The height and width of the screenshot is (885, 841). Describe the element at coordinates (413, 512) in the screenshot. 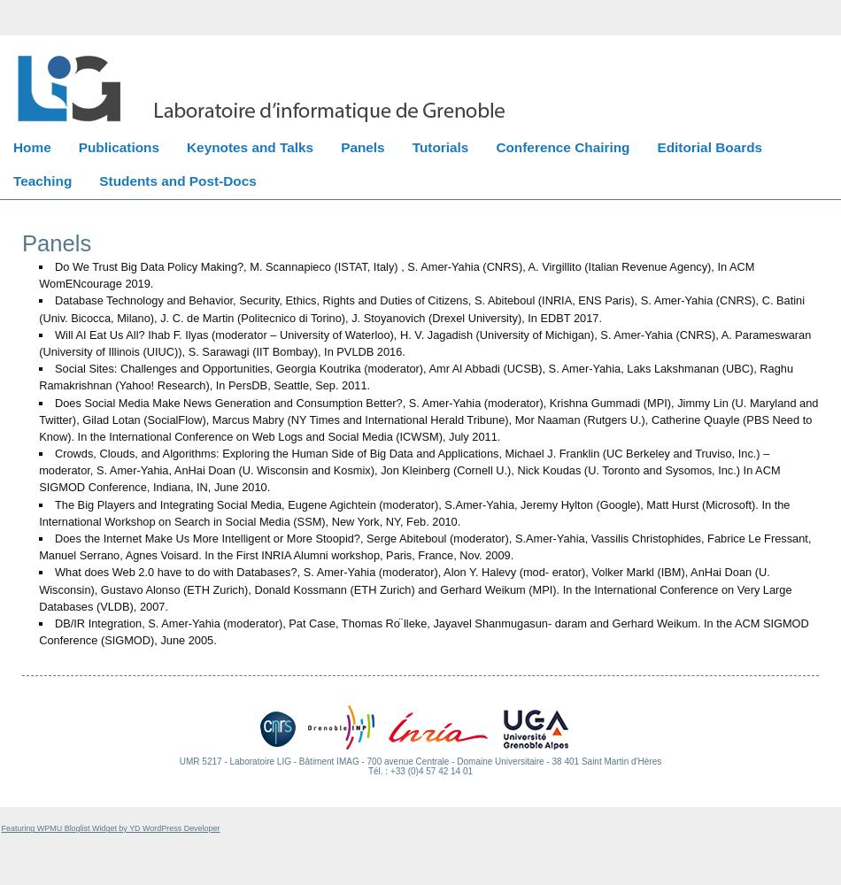

I see `'The Big Players and Integrating Social Media, Eugene Agichtein (moderator), S.Amer-Yahia, Jeremy Hylton (Google), Matt Hurst (Microsoft). In the International Workshop on Search in Social Media (SSM), New York, NY, Feb. 2010.'` at that location.